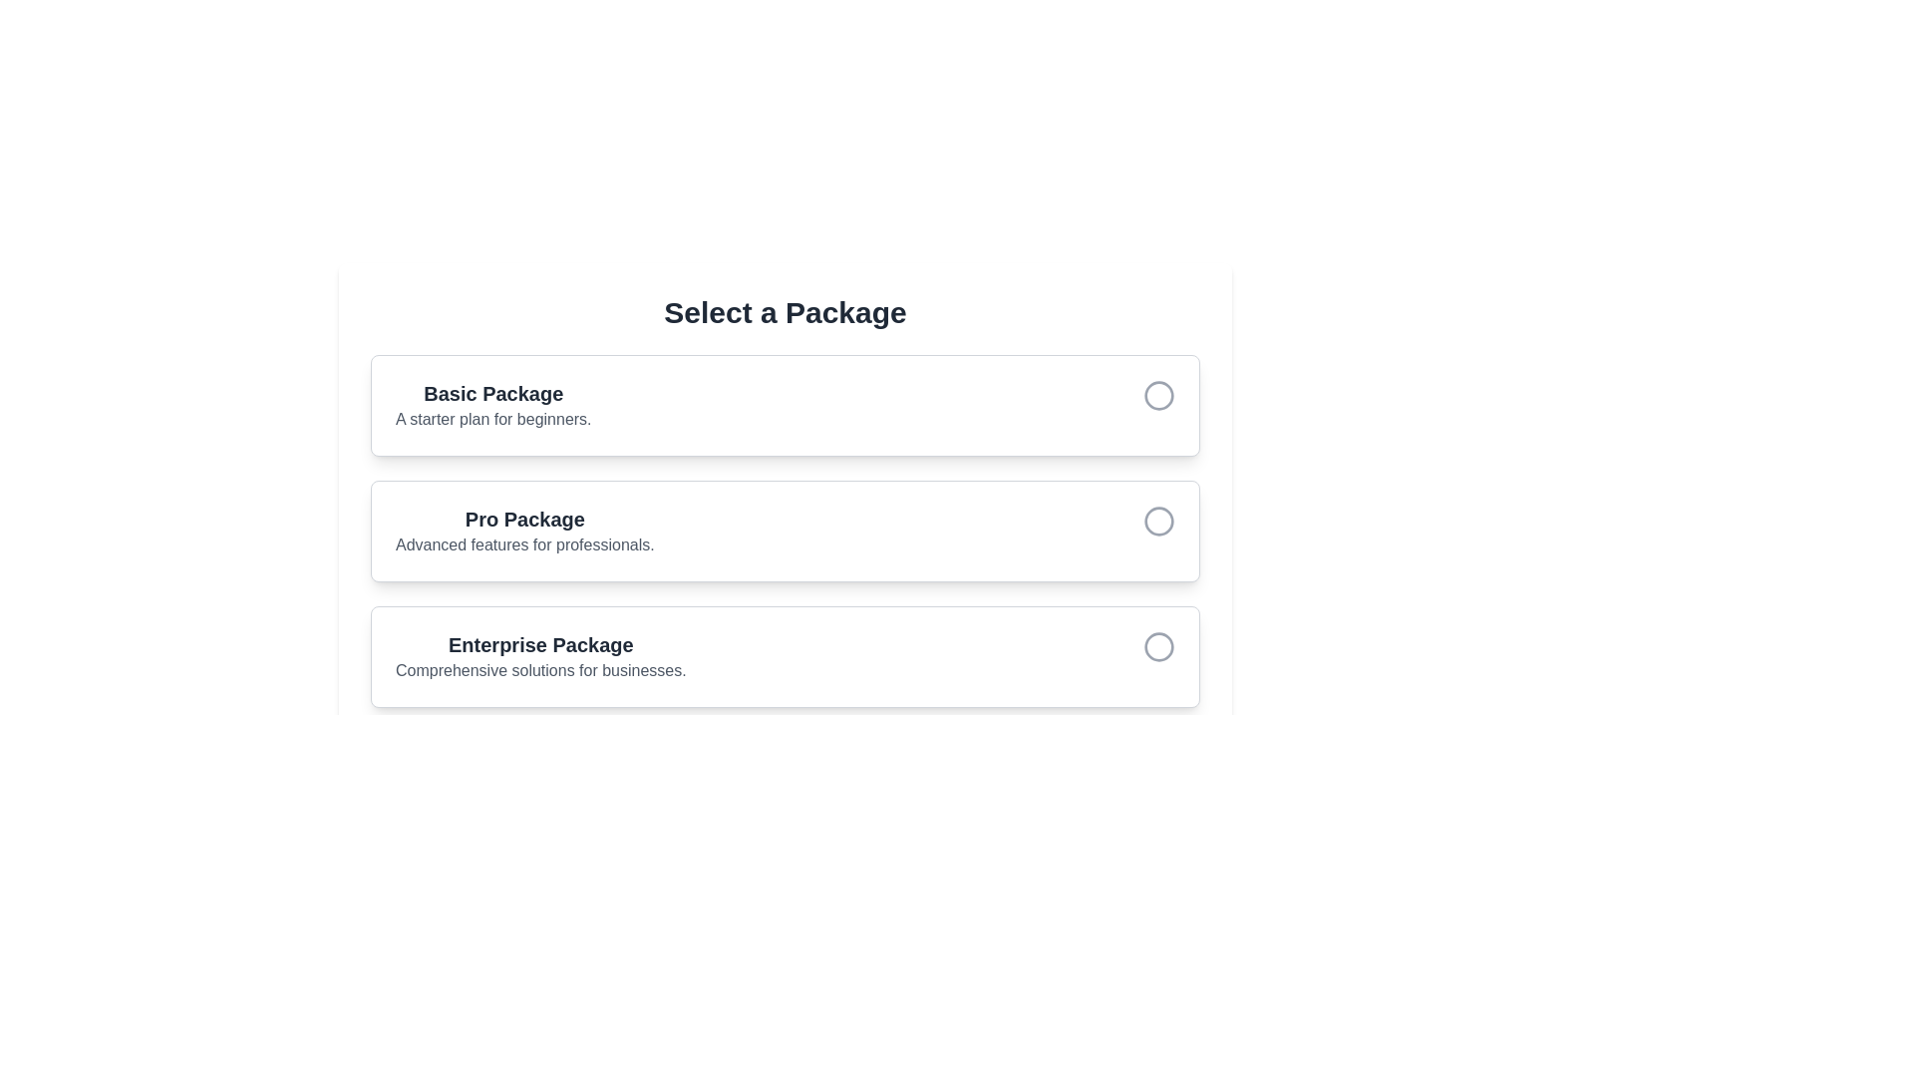 The image size is (1914, 1077). I want to click on the 'Pro Package' label, which is located between the 'Basic Package' above and the 'Enterprise Package' below in the vertical list of selection packages, so click(524, 530).